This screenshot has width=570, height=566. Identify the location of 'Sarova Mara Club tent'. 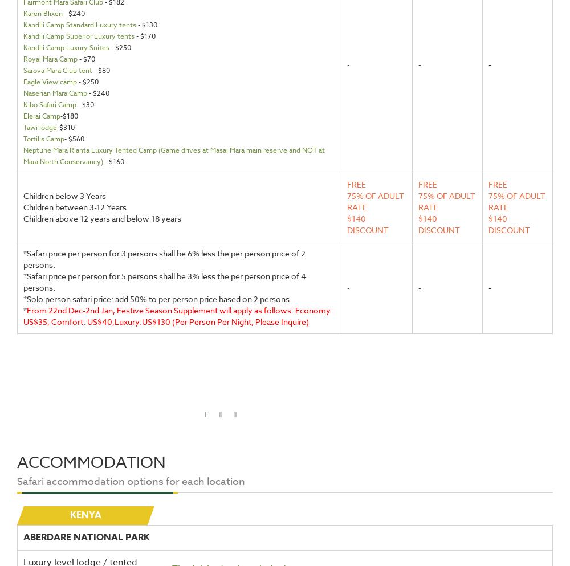
(57, 70).